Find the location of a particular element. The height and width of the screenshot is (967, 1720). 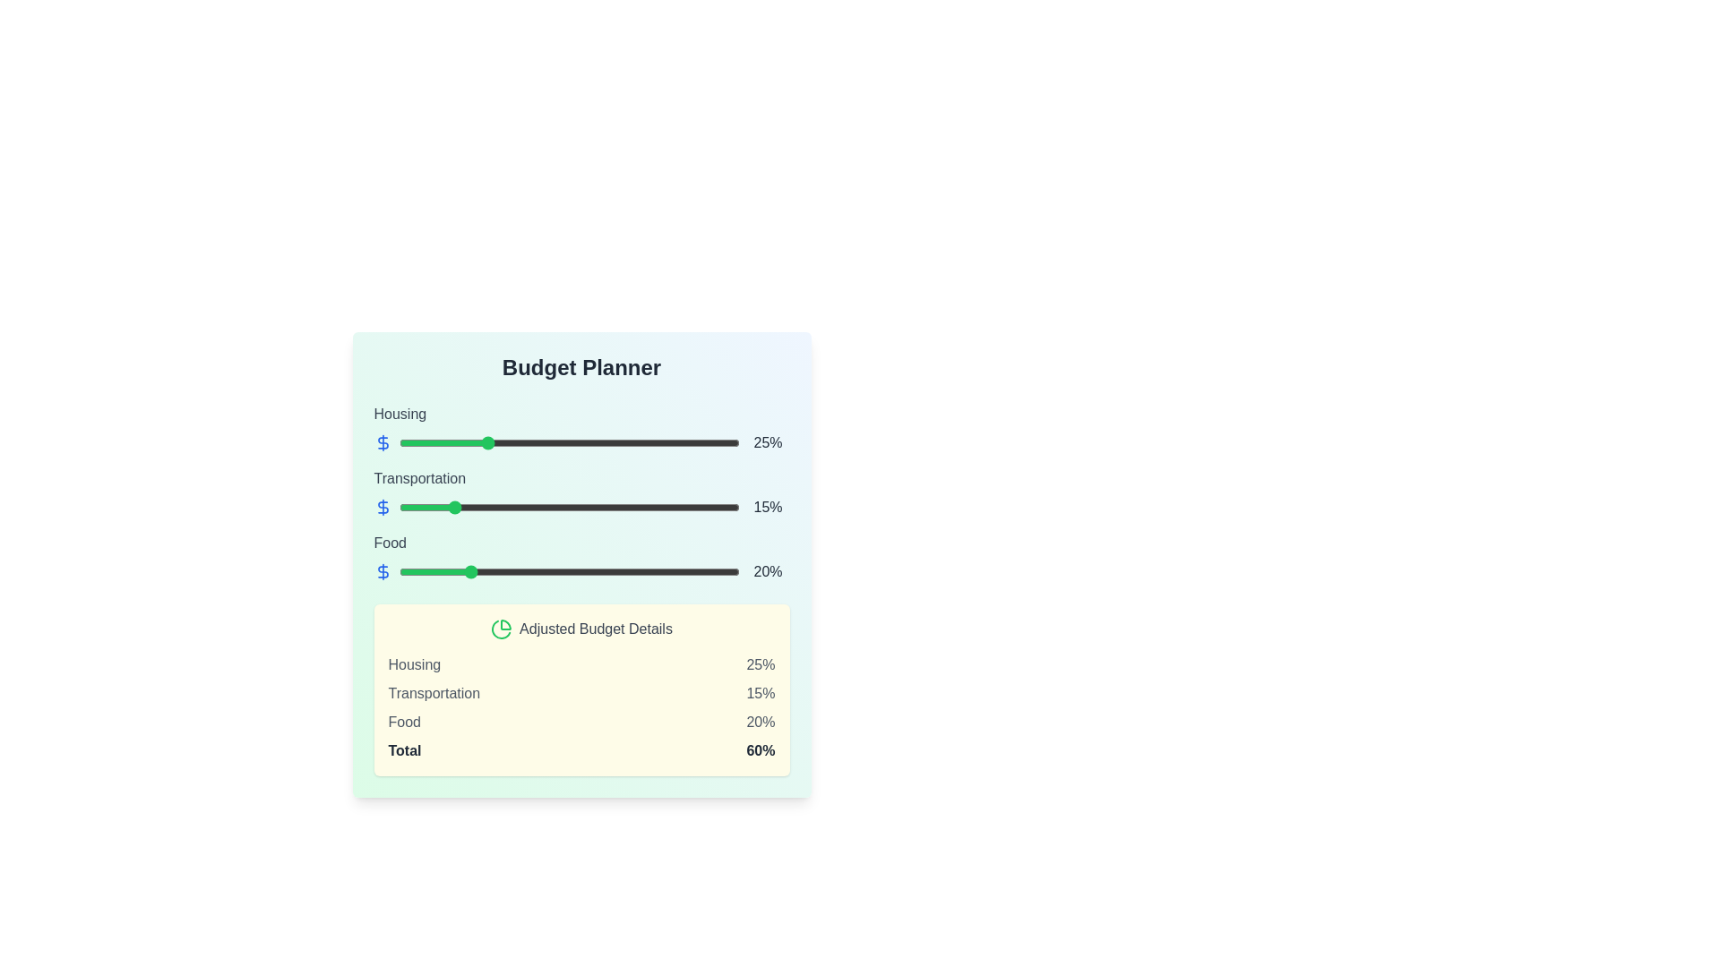

the housing budget slider is located at coordinates (433, 442).